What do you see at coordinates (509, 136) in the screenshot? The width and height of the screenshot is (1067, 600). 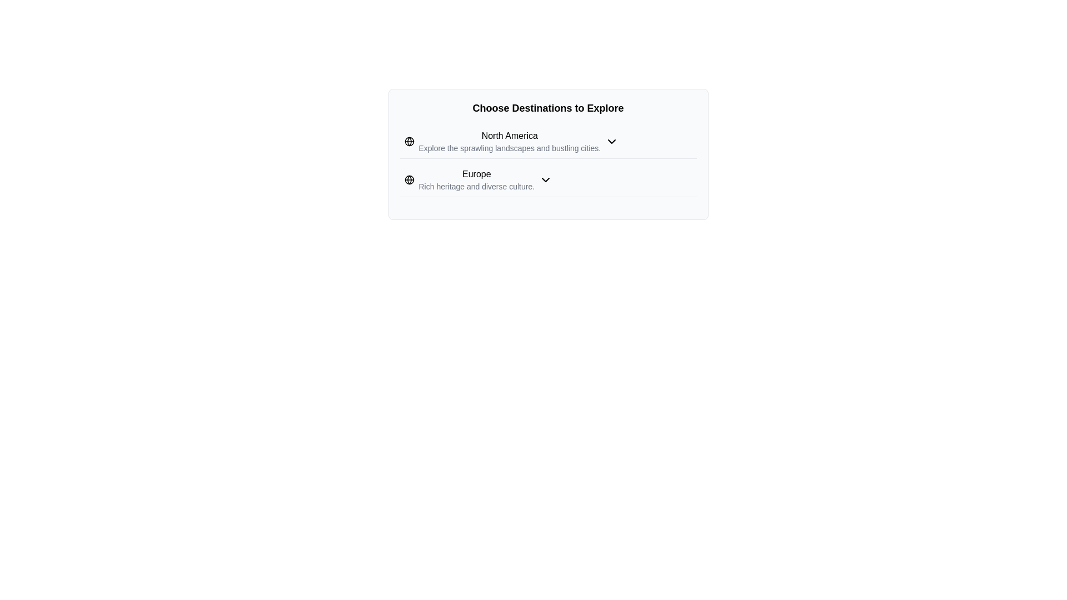 I see `the 'North America' text label which serves as a header for its section within the geographical selection interface` at bounding box center [509, 136].